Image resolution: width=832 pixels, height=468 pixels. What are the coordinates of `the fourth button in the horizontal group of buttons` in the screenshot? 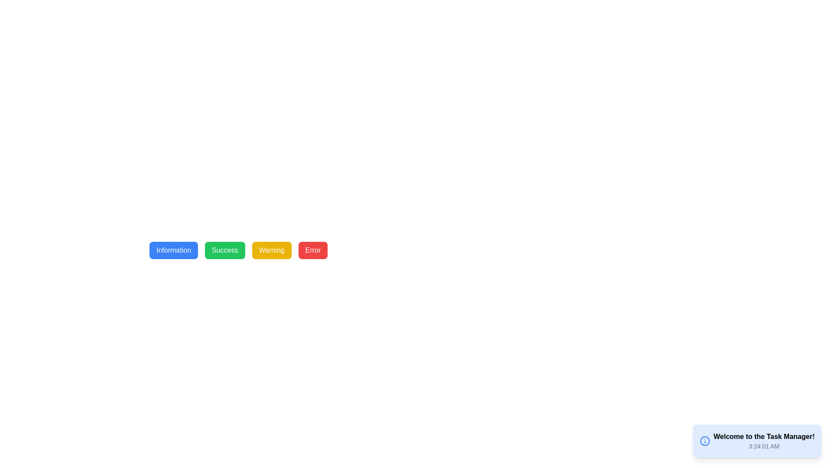 It's located at (312, 250).